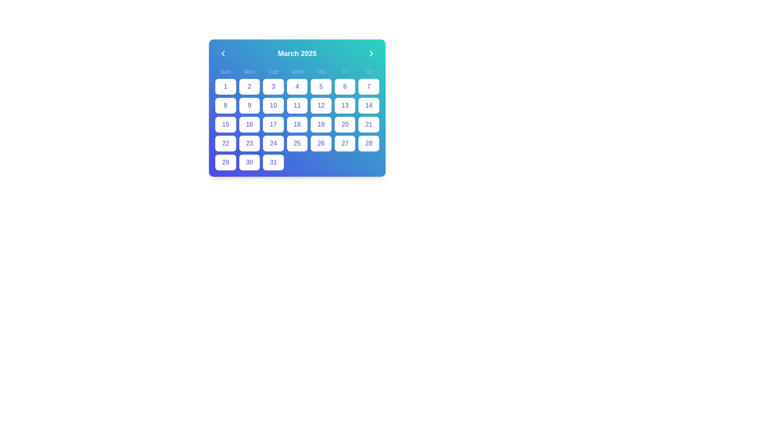 The height and width of the screenshot is (426, 757). I want to click on the navigation button in the top-right corner of the calendar interface, so click(371, 53).